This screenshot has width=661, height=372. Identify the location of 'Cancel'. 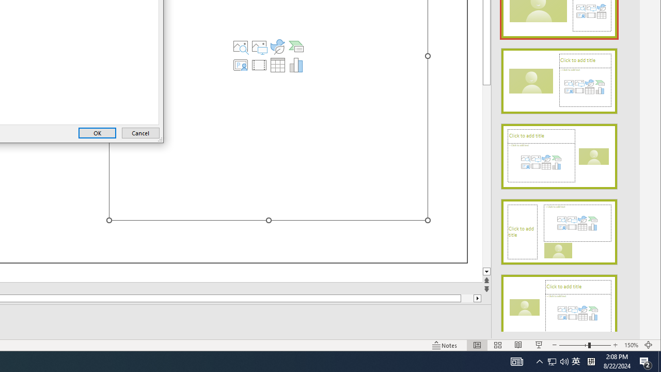
(140, 132).